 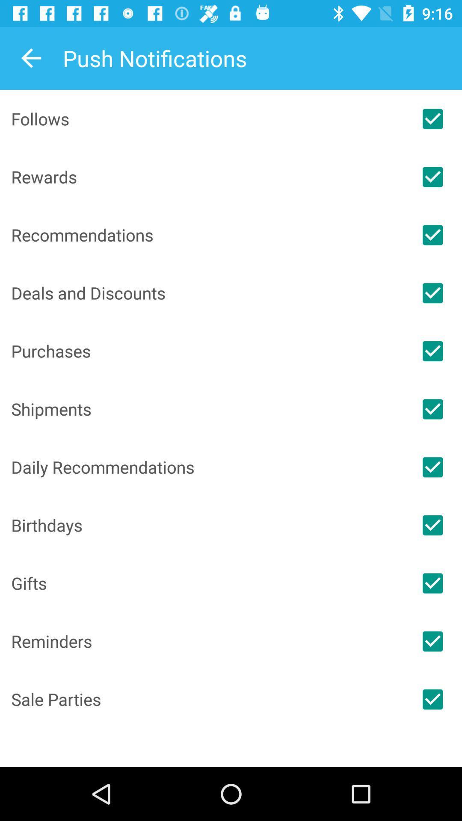 What do you see at coordinates (432, 293) in the screenshot?
I see `switch the deals and discounts` at bounding box center [432, 293].